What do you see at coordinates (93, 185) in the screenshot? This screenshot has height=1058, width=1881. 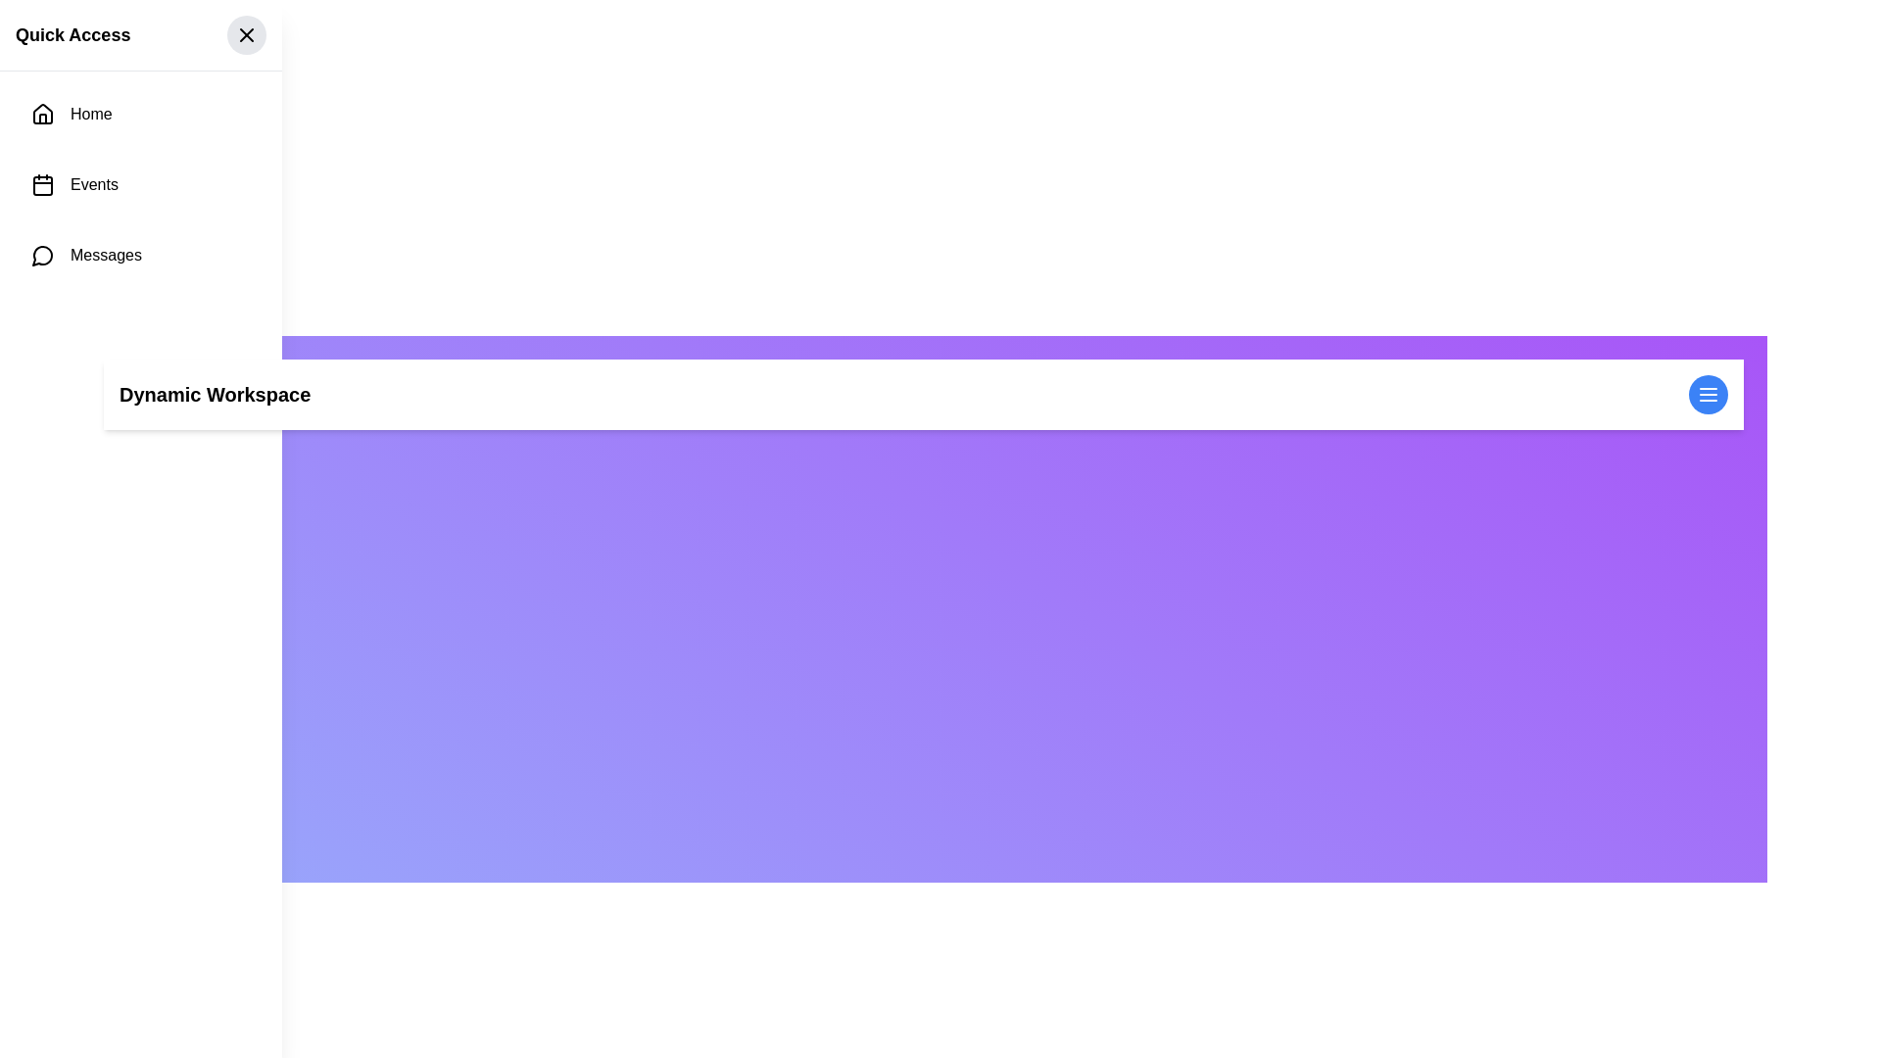 I see `the 'Events' menu item in the sidebar, which is the second item in the vertical list of menu options` at bounding box center [93, 185].